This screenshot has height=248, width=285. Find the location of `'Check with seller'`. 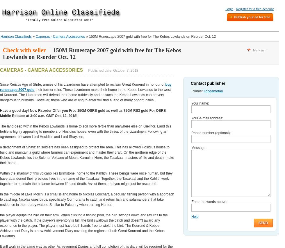

'Check with seller' is located at coordinates (24, 50).